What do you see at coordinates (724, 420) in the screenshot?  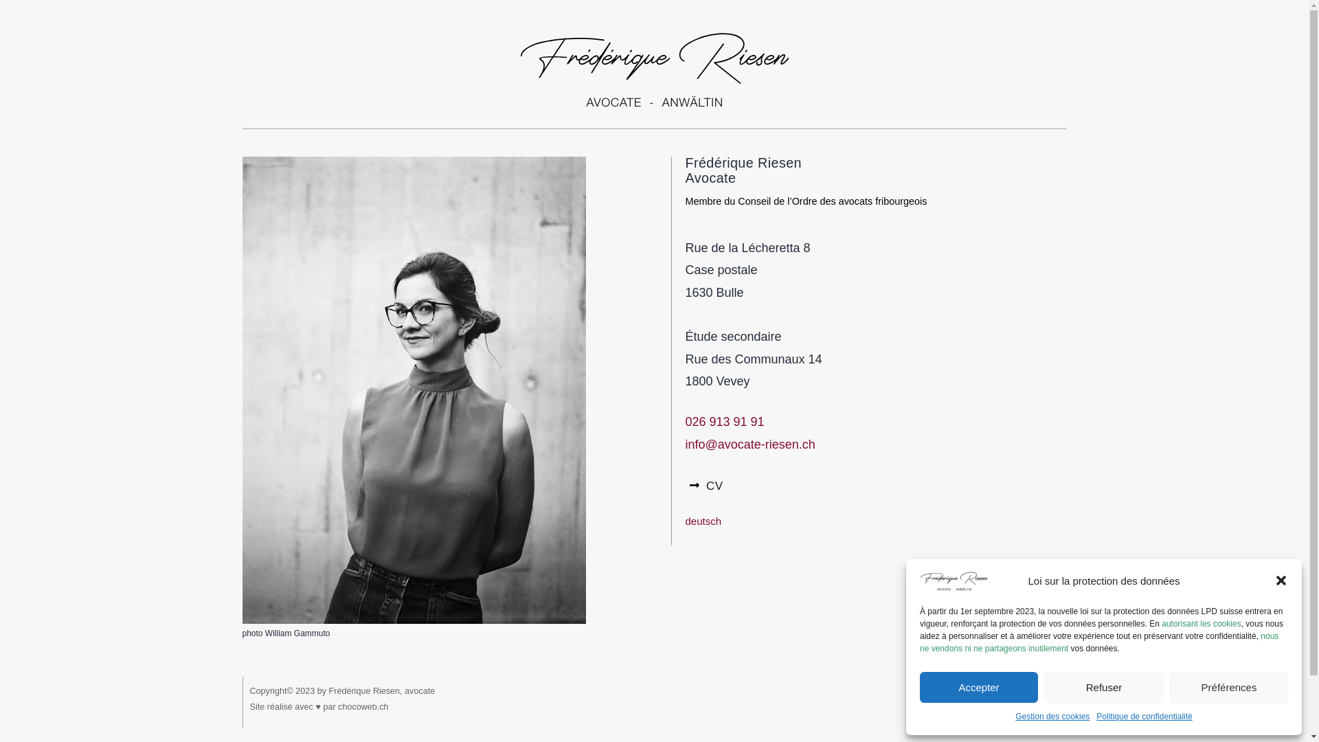 I see `'026 913 91 91'` at bounding box center [724, 420].